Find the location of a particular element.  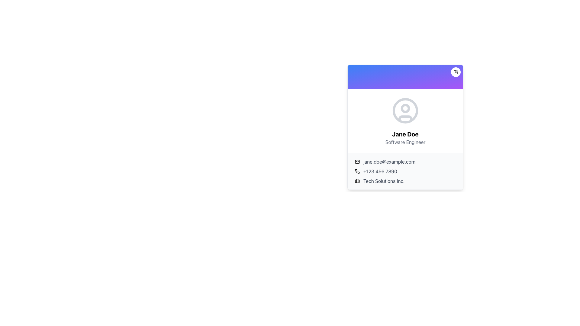

the envelope outline icon is located at coordinates (357, 161).